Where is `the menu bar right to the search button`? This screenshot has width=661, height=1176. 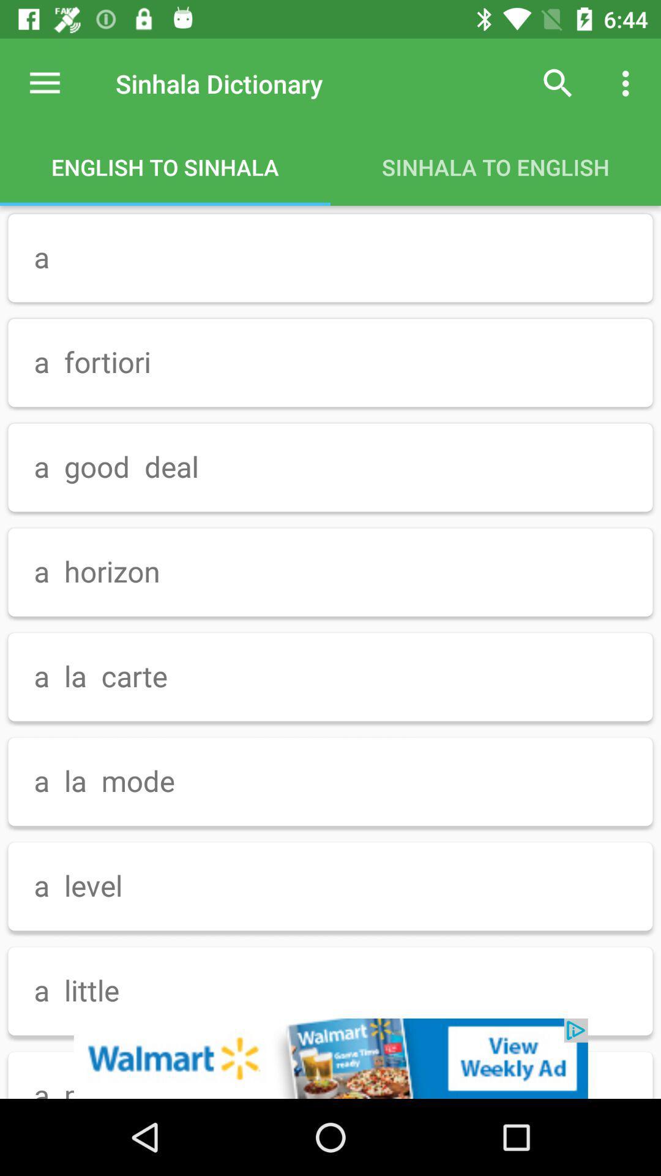
the menu bar right to the search button is located at coordinates (629, 83).